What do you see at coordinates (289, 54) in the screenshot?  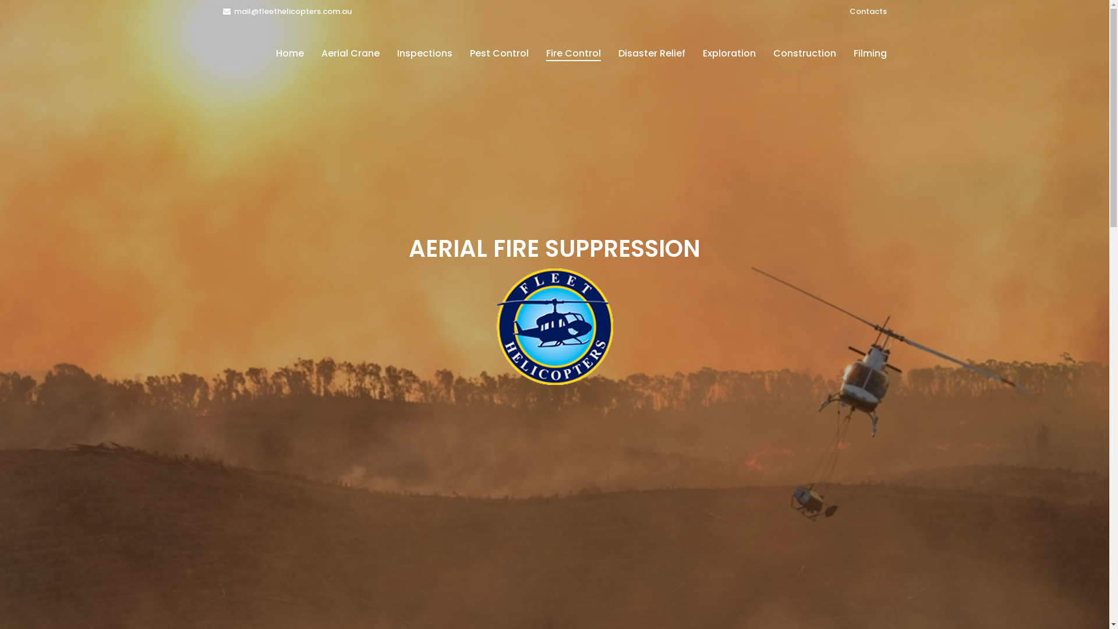 I see `'Home'` at bounding box center [289, 54].